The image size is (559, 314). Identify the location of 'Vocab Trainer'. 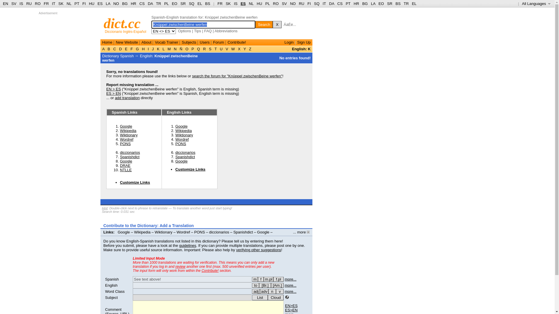
(155, 42).